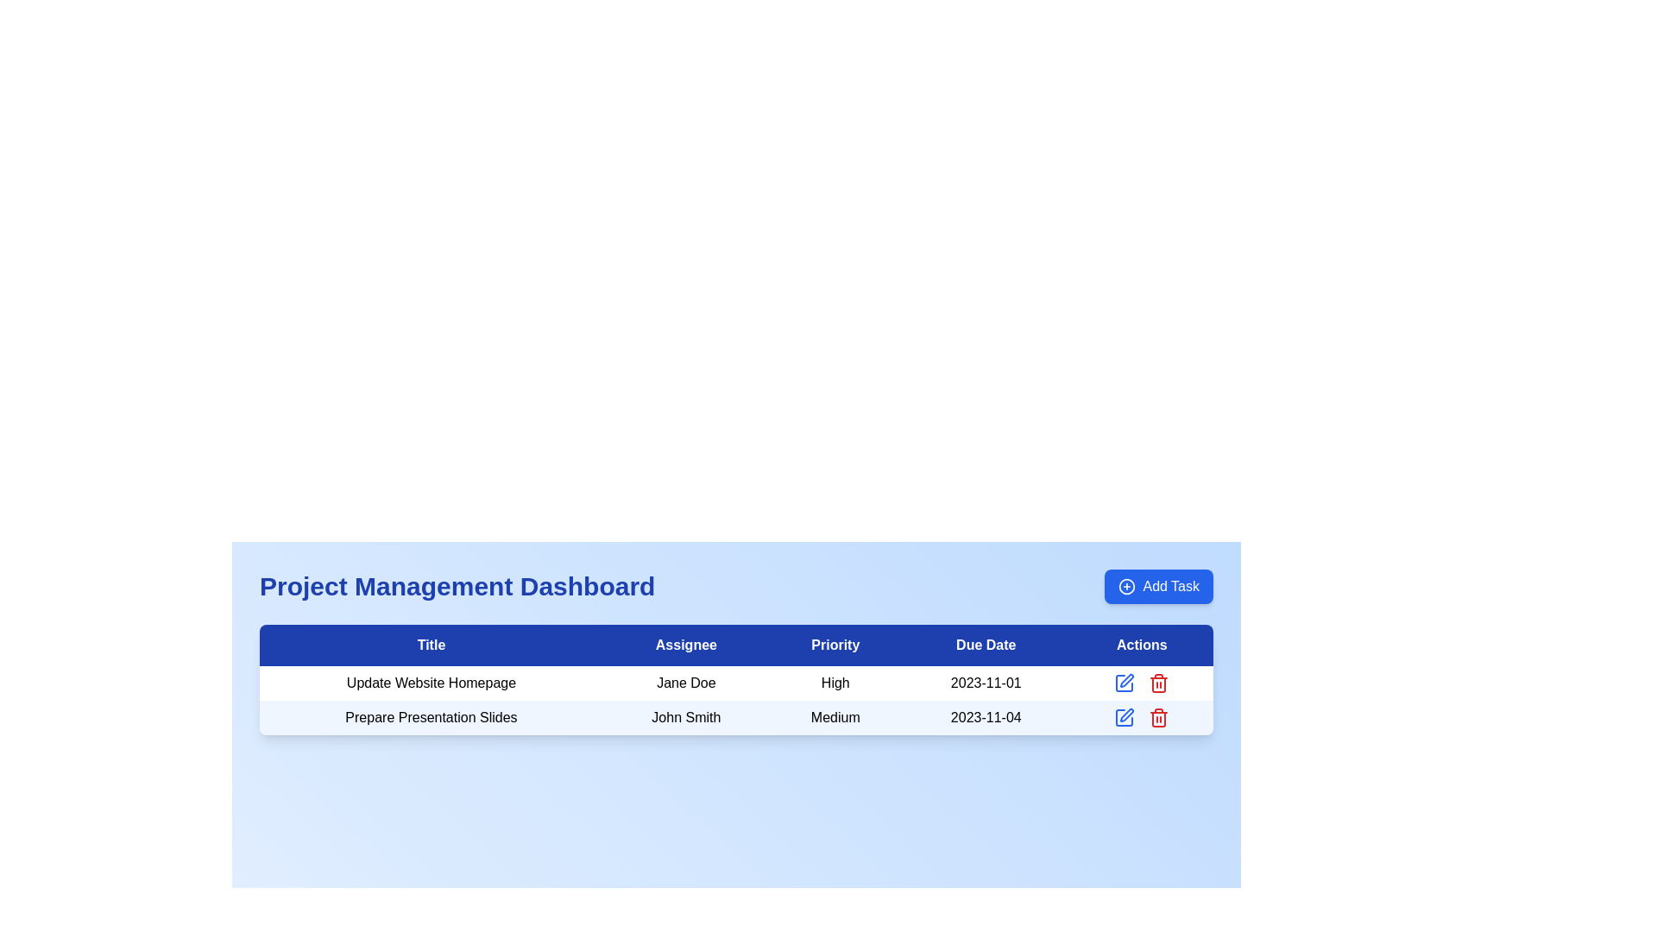  I want to click on the red trash bin icon located in the action hub of the second row under the 'Actions' column in the 'Project Management Dashboard', so click(1142, 718).